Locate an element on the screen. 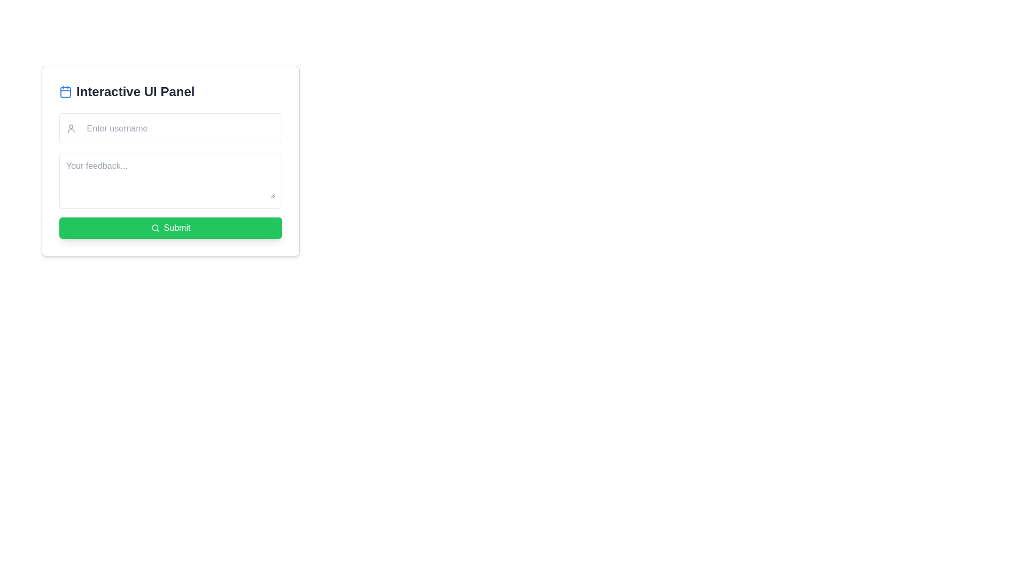 This screenshot has width=1026, height=577. the user-related context icon located at the top-left of the interactive panel, which precedes the adjacent text input field is located at coordinates (71, 128).